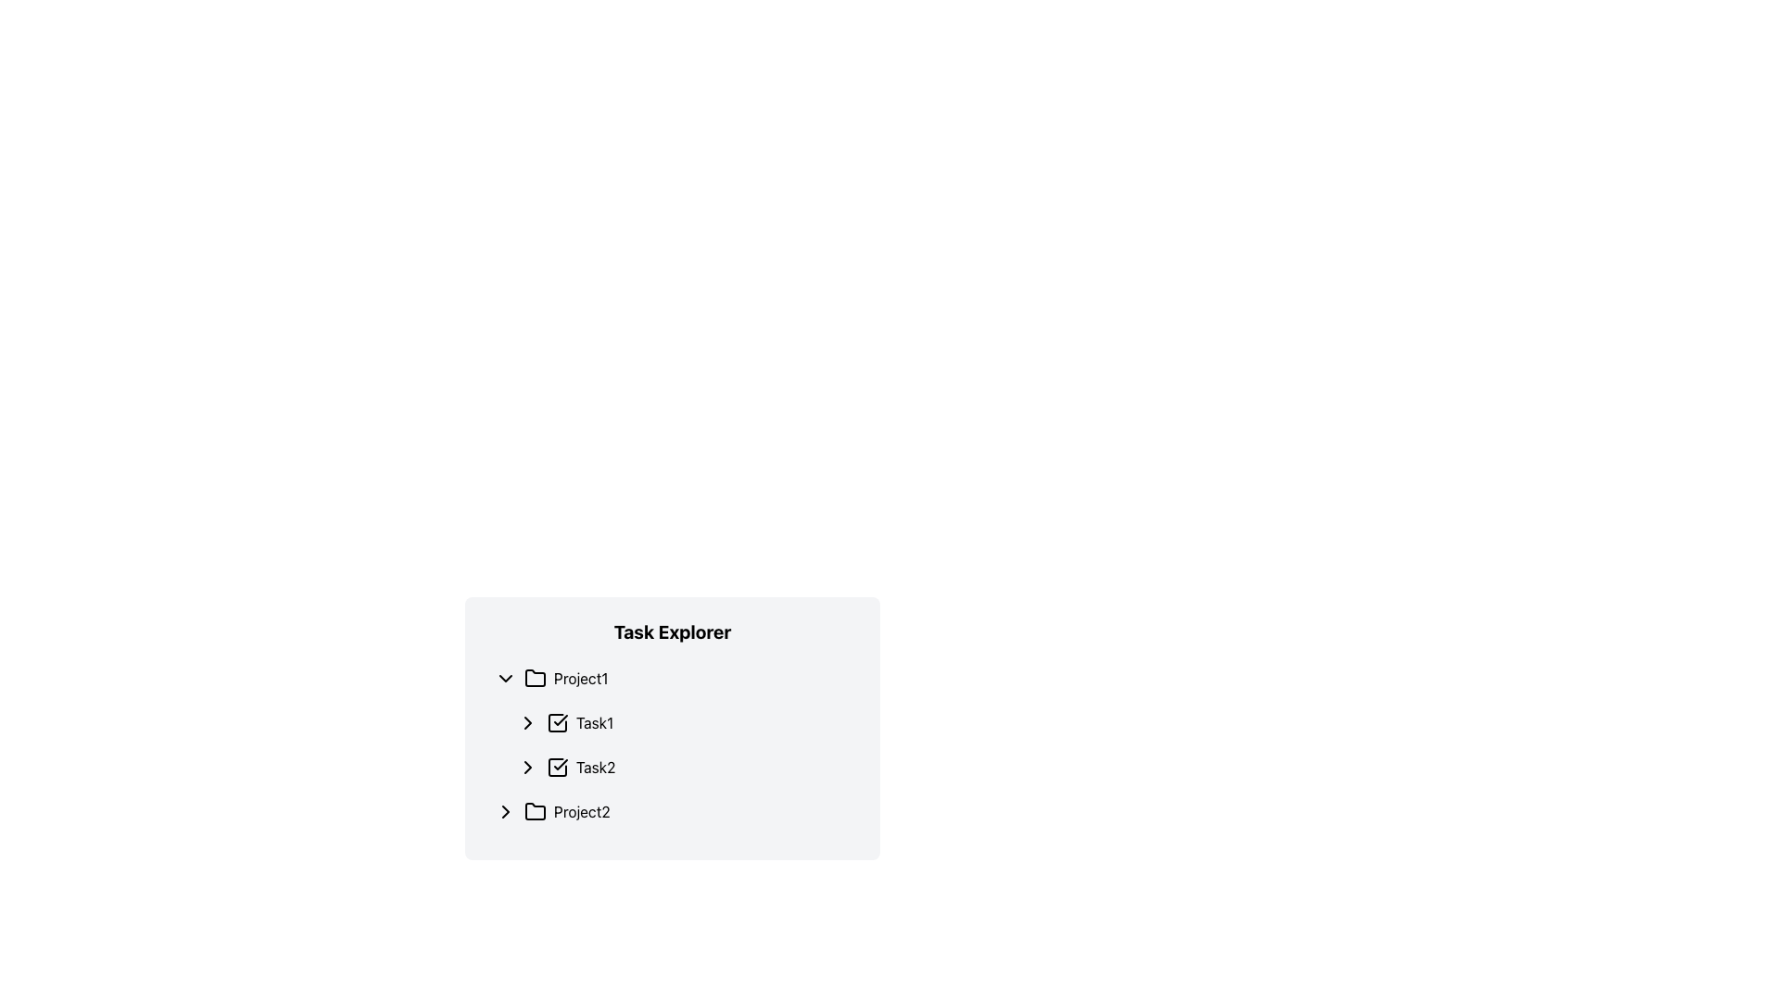 The width and height of the screenshot is (1779, 1000). I want to click on the checkbox indicating the completion status of 'Task1', so click(556, 721).